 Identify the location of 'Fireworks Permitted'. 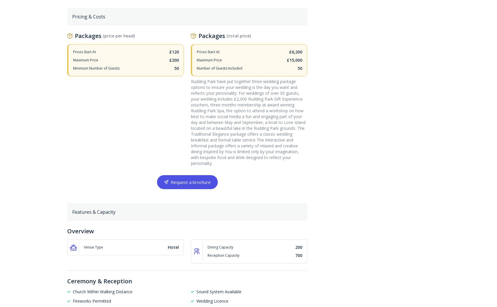
(92, 300).